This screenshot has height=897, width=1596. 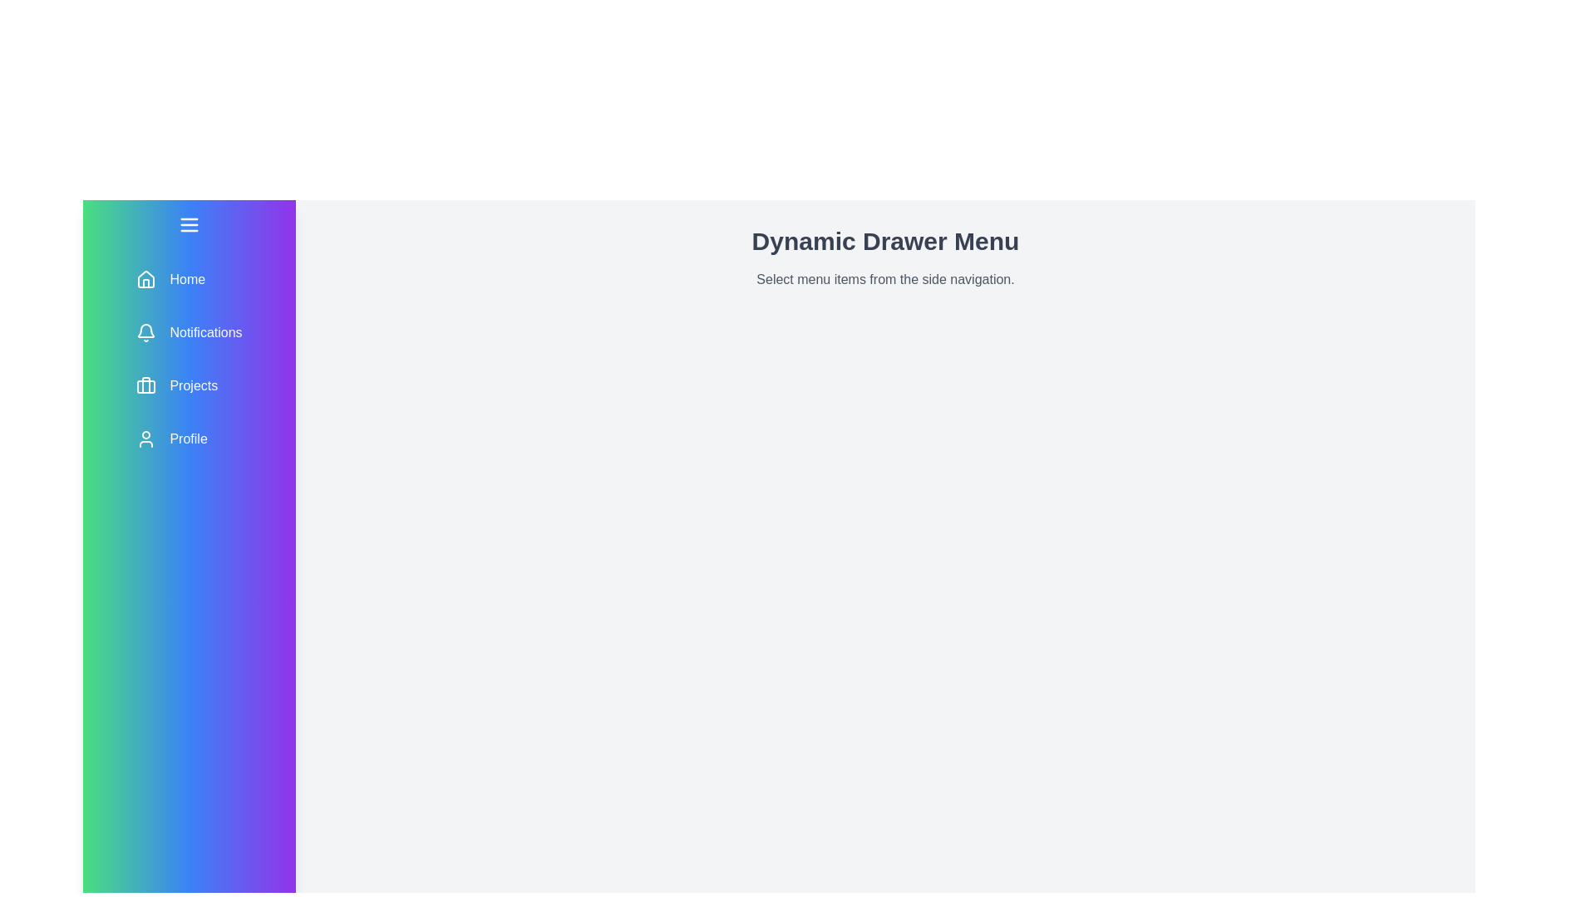 I want to click on the menu toggle button to toggle the drawer menu open or closed, so click(x=189, y=224).